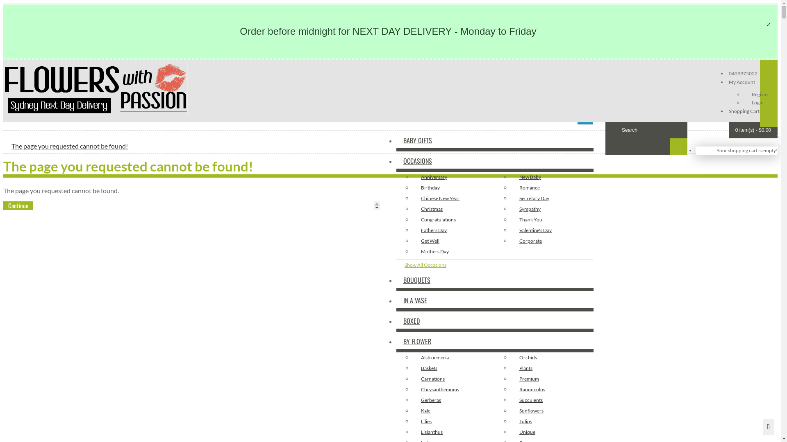  What do you see at coordinates (727, 81) in the screenshot?
I see `'My Account'` at bounding box center [727, 81].